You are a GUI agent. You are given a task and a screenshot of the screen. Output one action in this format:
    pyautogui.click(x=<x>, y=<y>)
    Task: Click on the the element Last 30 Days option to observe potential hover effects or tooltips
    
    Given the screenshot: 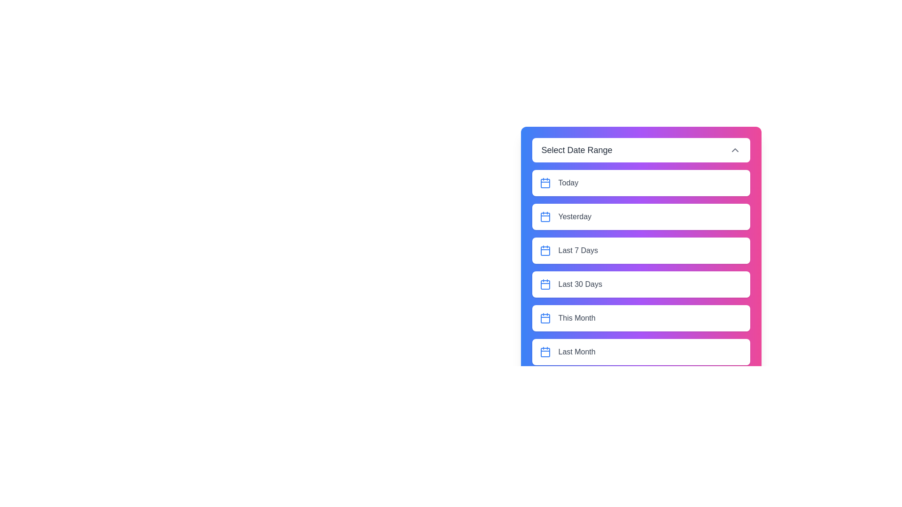 What is the action you would take?
    pyautogui.click(x=640, y=284)
    